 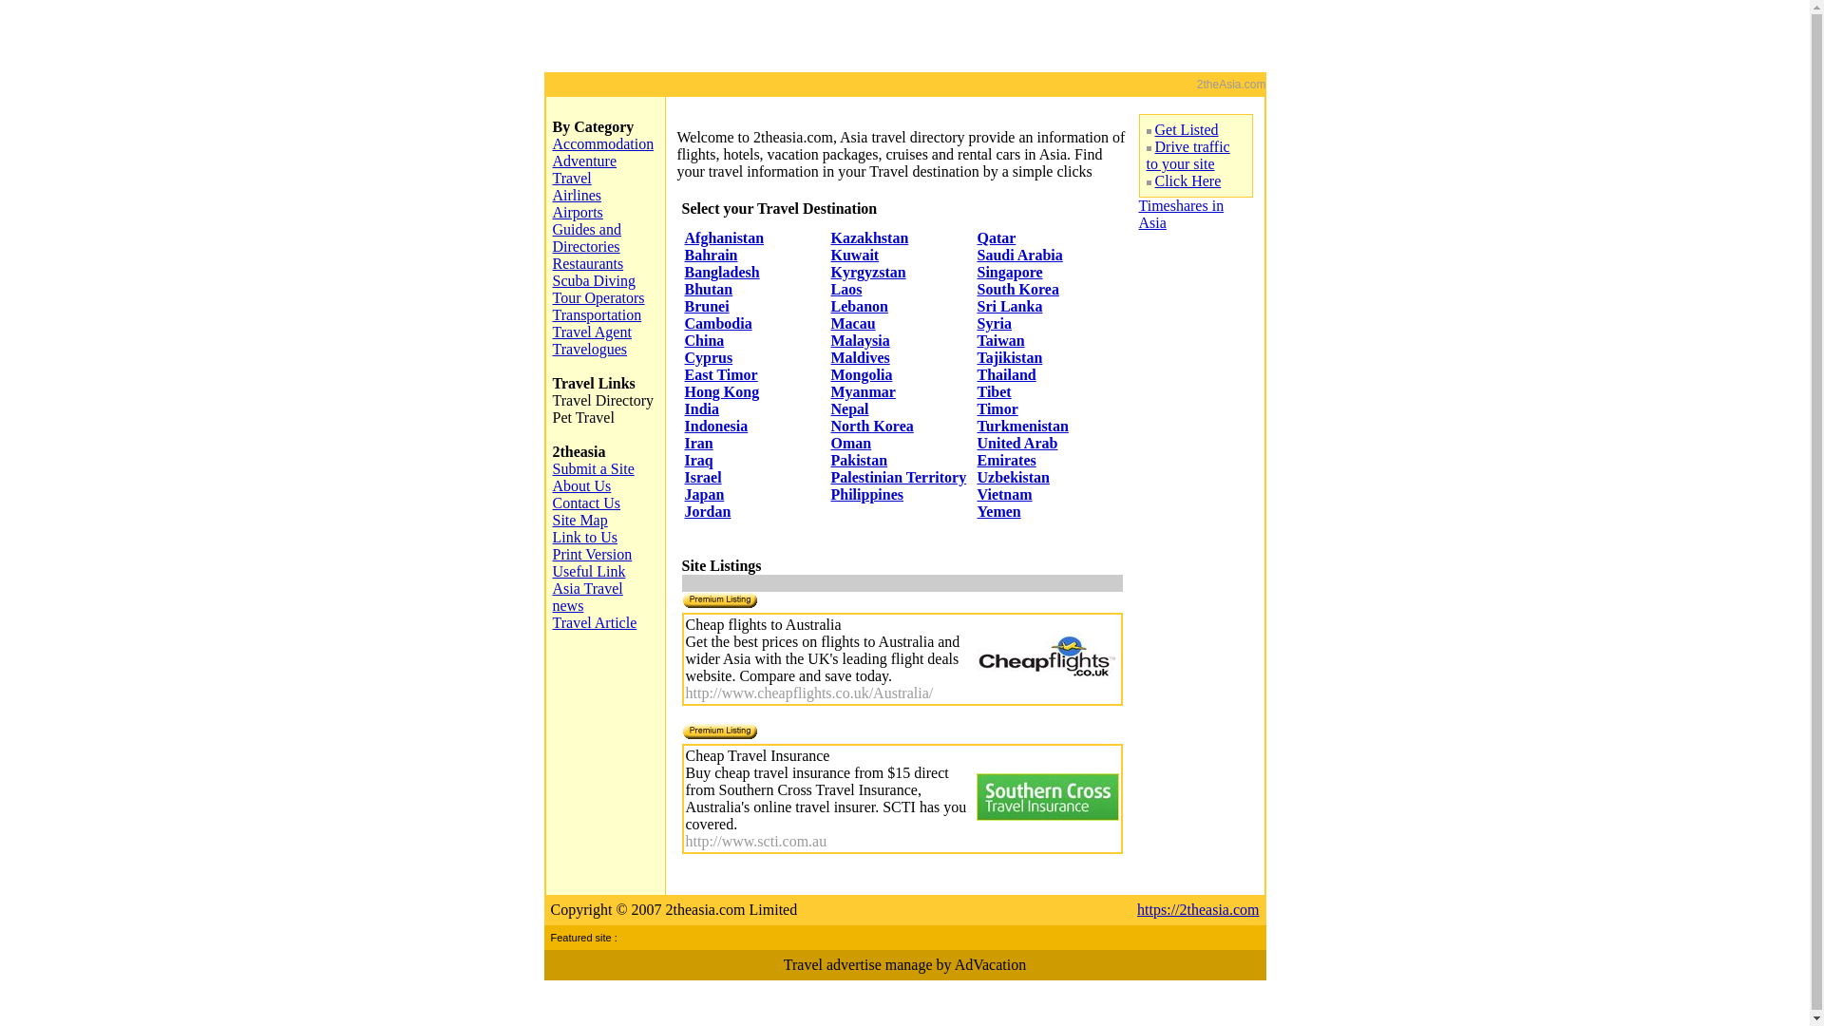 I want to click on 'Site Map', so click(x=579, y=520).